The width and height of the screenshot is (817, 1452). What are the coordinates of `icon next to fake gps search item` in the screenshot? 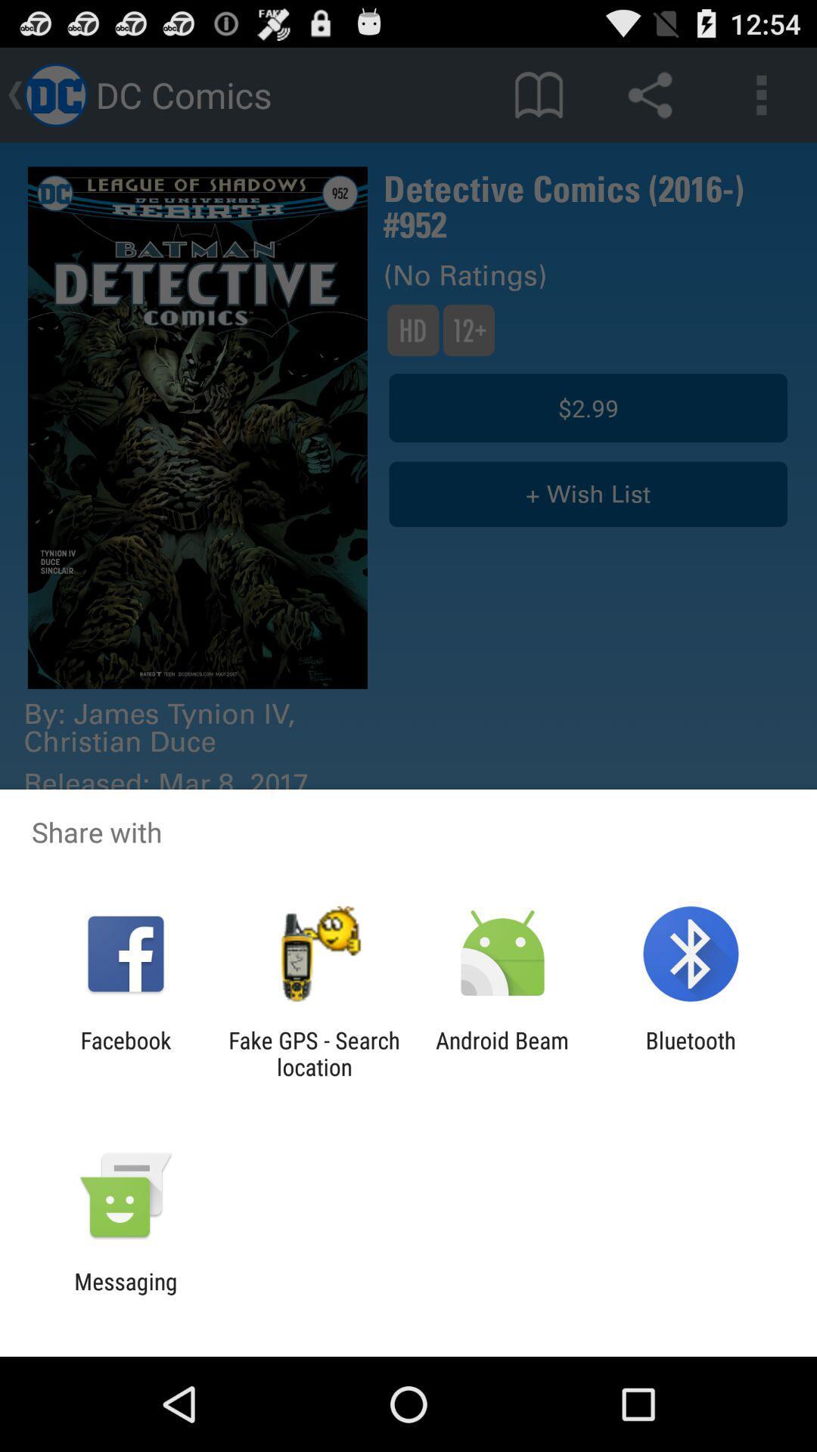 It's located at (125, 1053).